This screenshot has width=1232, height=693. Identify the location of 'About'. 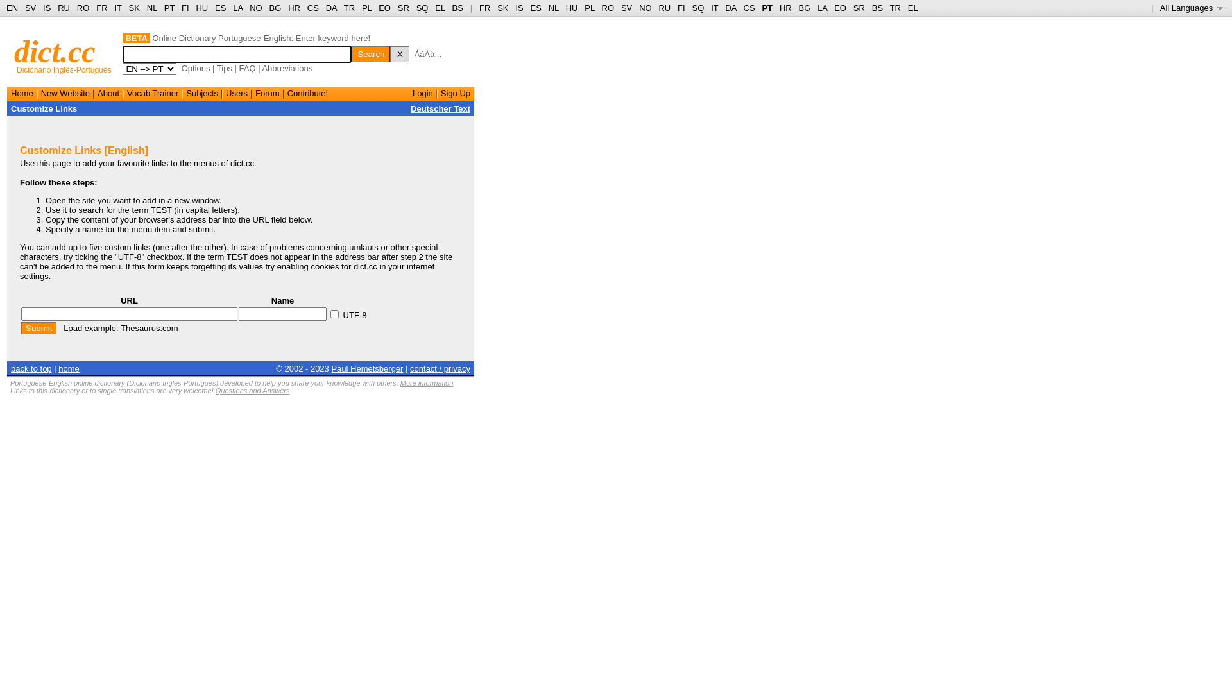
(108, 92).